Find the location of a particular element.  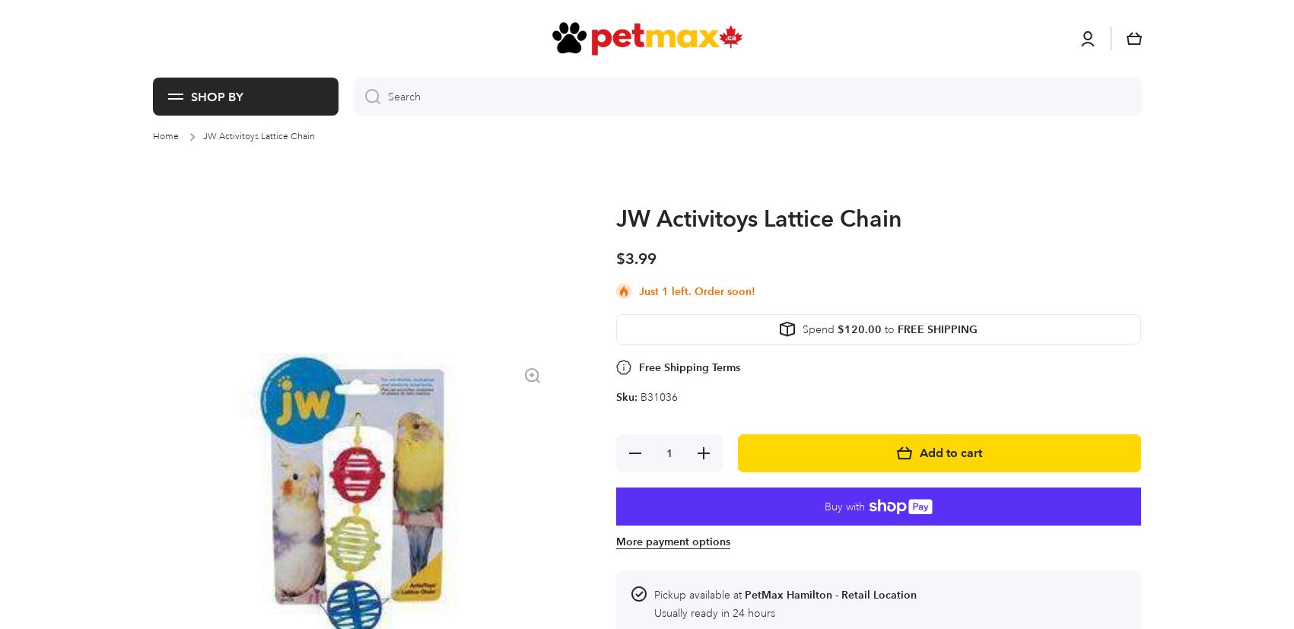

'Pumps' is located at coordinates (368, 52).